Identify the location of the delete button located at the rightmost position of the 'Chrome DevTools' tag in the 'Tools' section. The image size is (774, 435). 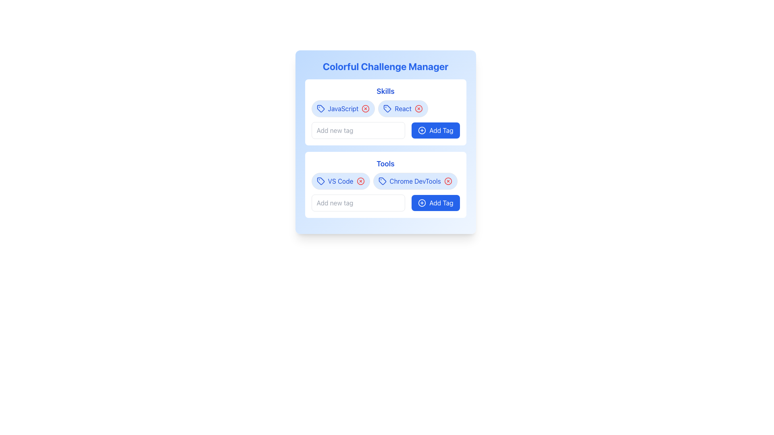
(447, 181).